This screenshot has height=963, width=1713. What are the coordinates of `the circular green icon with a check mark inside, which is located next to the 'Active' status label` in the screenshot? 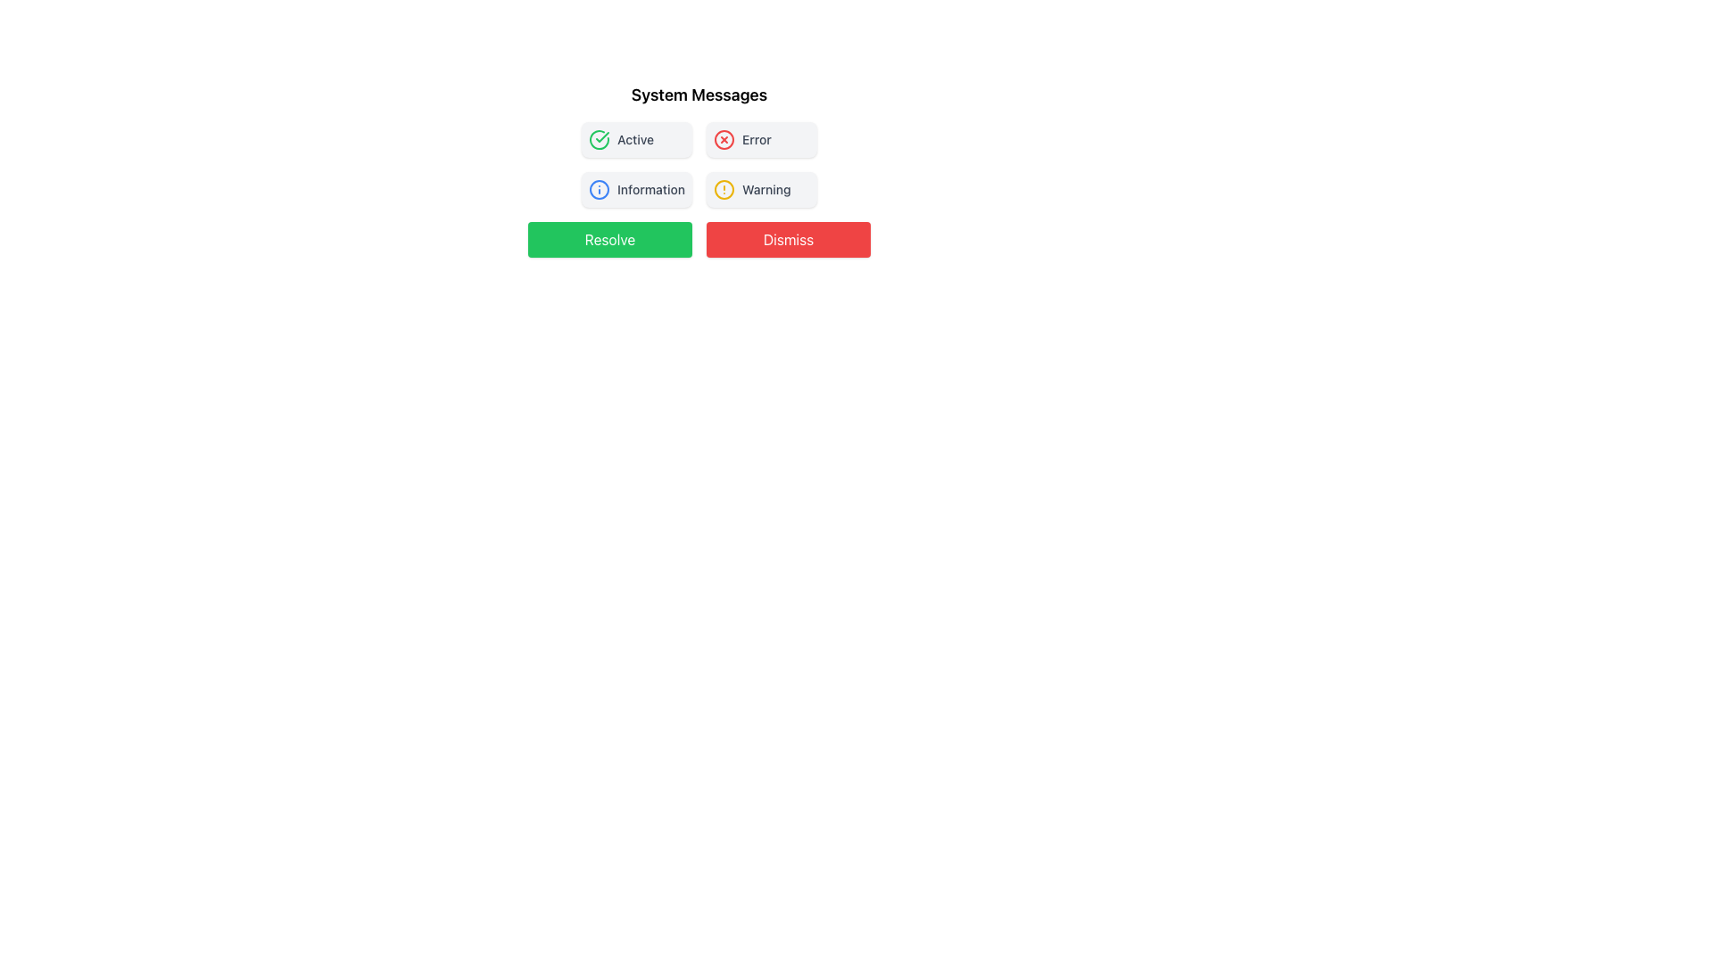 It's located at (600, 139).